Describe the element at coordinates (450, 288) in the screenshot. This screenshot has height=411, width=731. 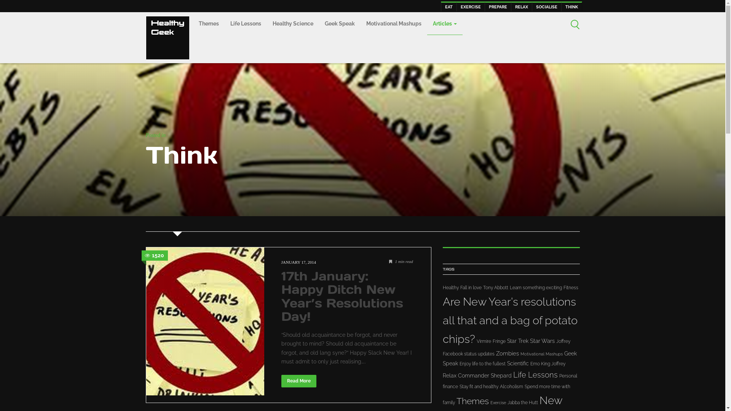
I see `'Healthy'` at that location.